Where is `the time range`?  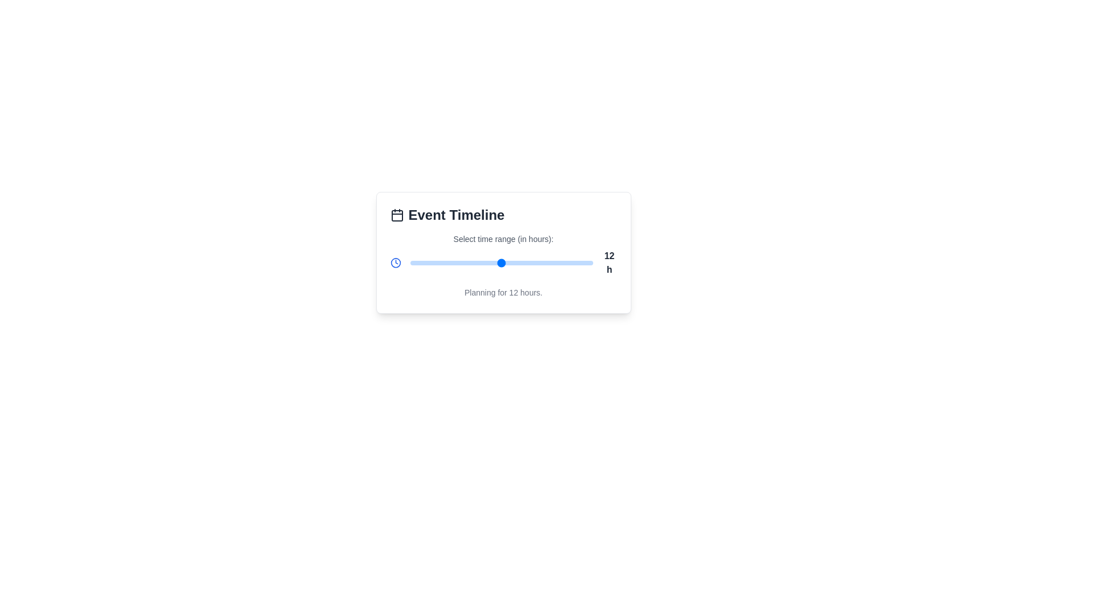
the time range is located at coordinates (501, 263).